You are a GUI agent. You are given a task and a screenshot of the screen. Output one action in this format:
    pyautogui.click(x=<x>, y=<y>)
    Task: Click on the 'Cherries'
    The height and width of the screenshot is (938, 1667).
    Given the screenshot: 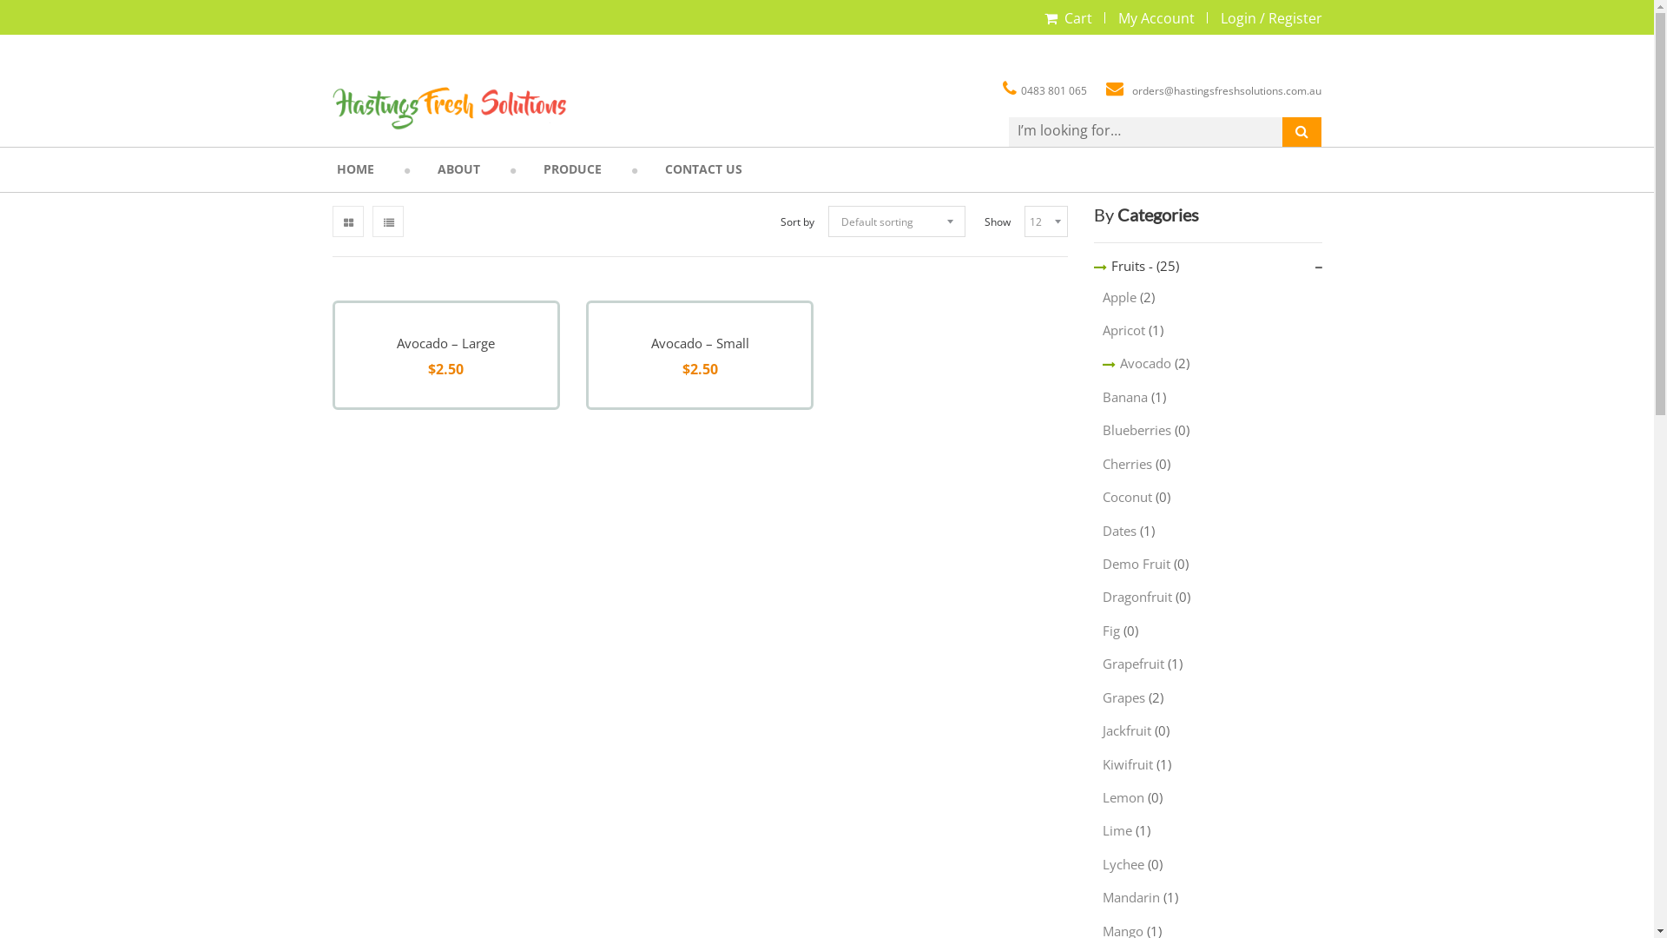 What is the action you would take?
    pyautogui.click(x=1127, y=462)
    